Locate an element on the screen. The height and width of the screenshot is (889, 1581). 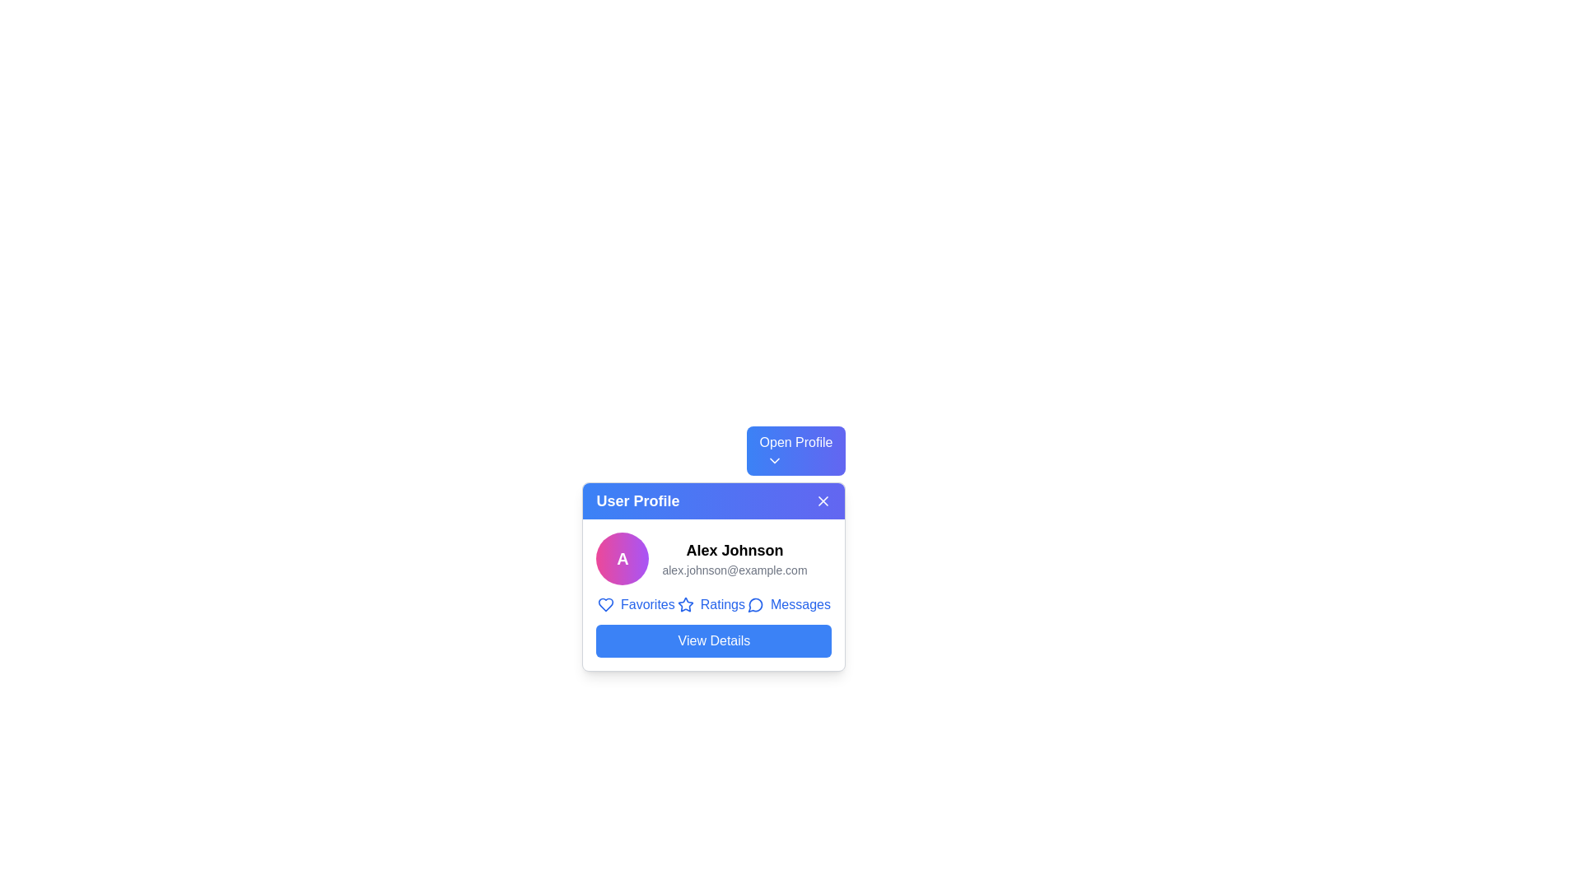
the navigation link in the User Profile section is located at coordinates (714, 594).